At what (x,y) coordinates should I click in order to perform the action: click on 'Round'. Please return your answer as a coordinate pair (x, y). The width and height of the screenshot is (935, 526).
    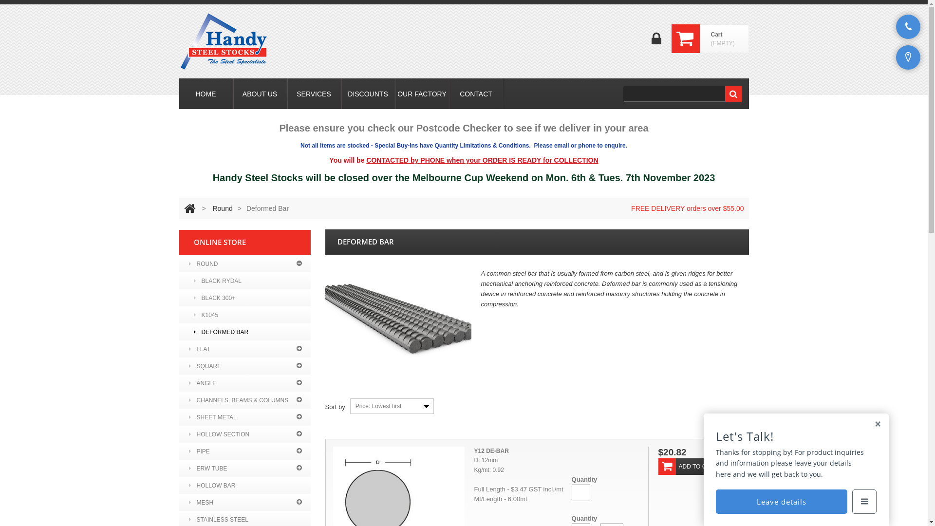
    Looking at the image, I should click on (222, 208).